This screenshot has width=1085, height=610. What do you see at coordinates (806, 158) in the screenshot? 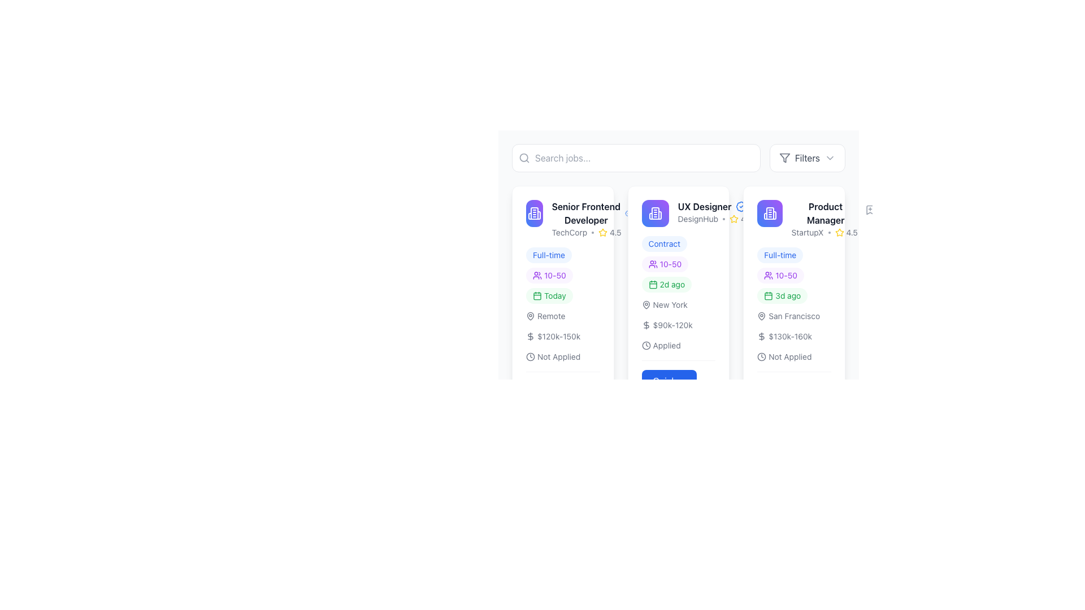
I see `the 'Filters' label element, which displays the text in bold sans-serif font` at bounding box center [806, 158].